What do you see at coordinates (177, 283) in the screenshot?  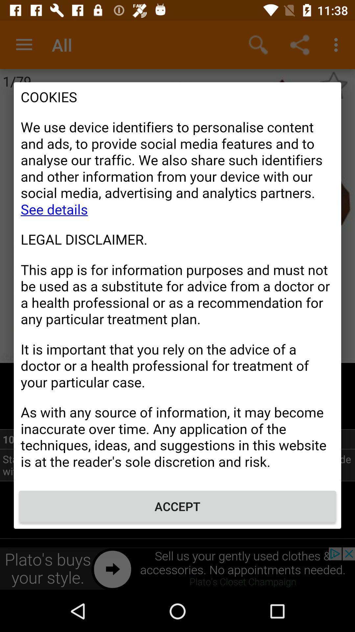 I see `app terms and conditions` at bounding box center [177, 283].